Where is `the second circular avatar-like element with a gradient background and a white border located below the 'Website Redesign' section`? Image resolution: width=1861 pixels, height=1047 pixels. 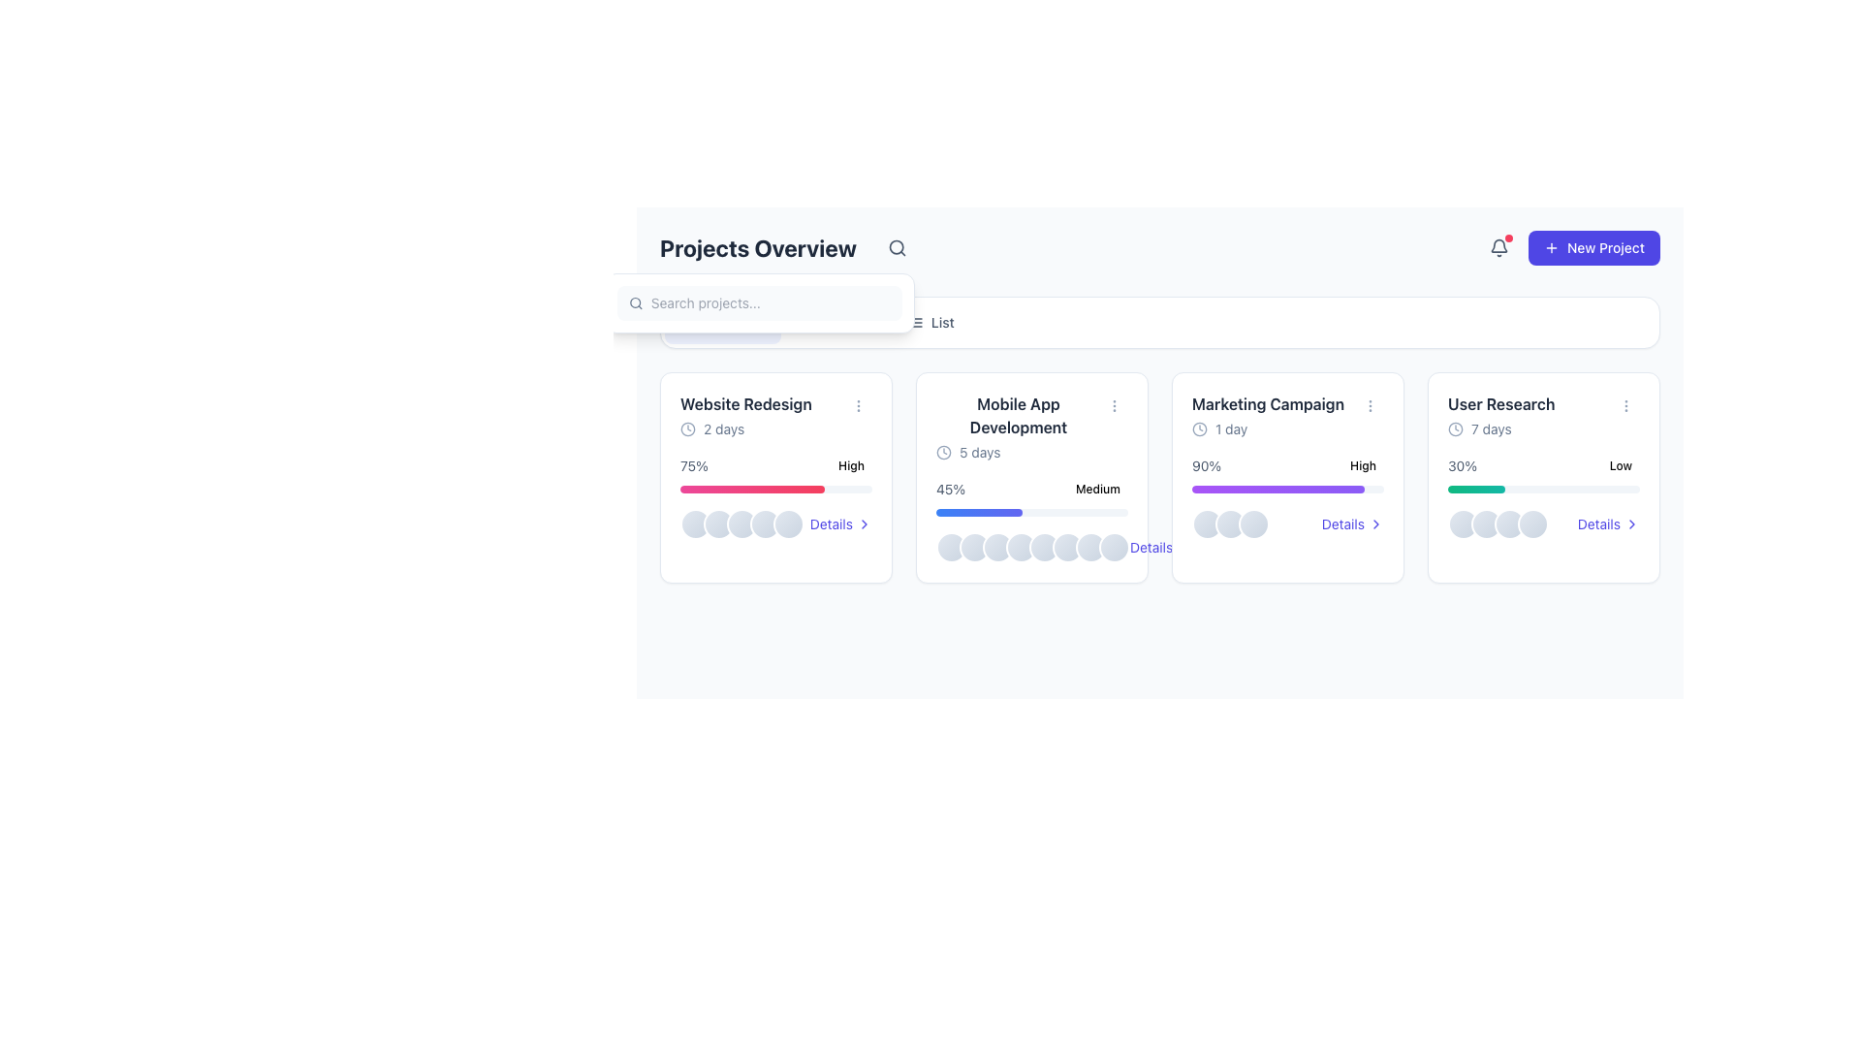
the second circular avatar-like element with a gradient background and a white border located below the 'Website Redesign' section is located at coordinates (718, 523).